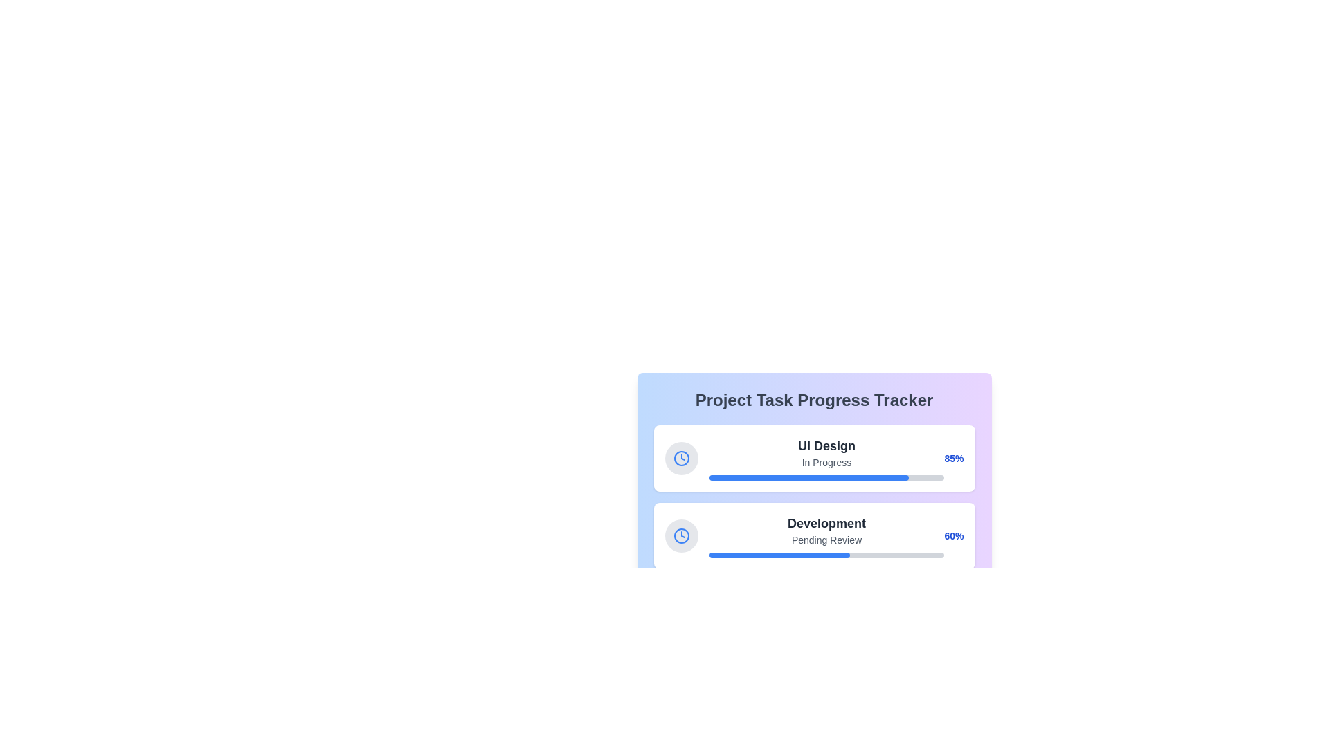 This screenshot has height=747, width=1329. What do you see at coordinates (681, 459) in the screenshot?
I see `the status icon representing the 'UI Design' task in the progress tracker, located within the card that also displays 'In Progress' and a progress bar` at bounding box center [681, 459].